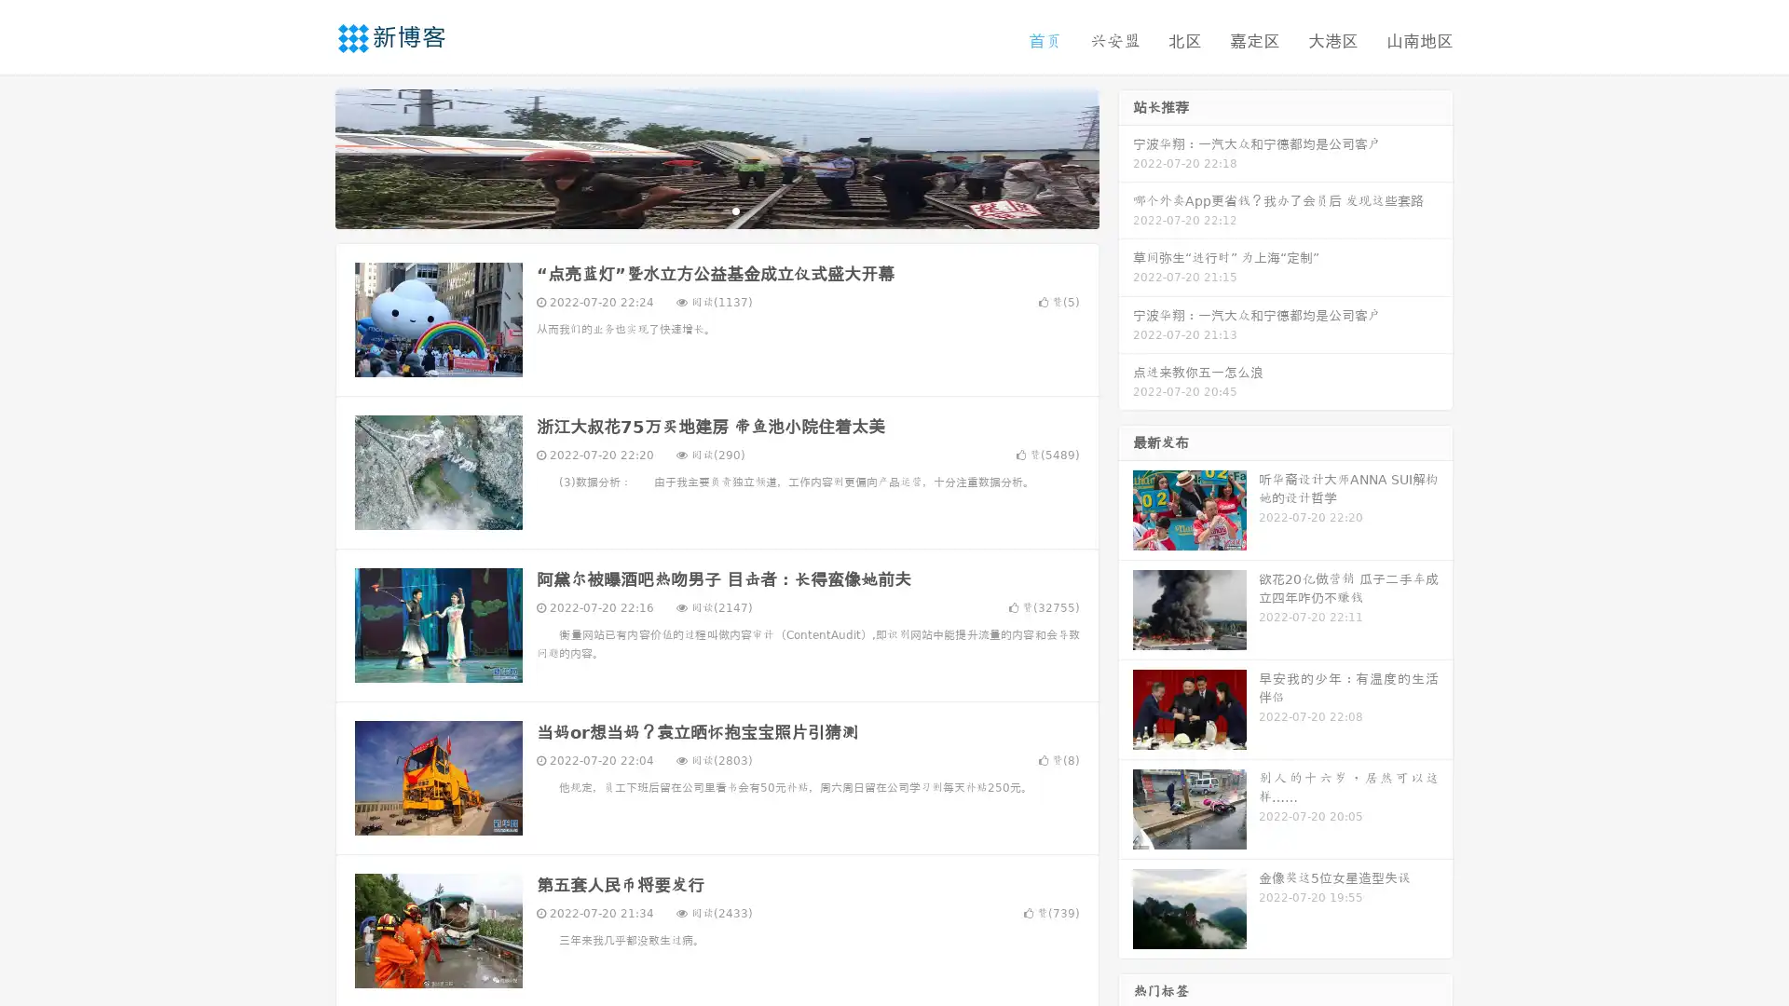 The height and width of the screenshot is (1006, 1789). I want to click on Go to slide 3, so click(735, 210).